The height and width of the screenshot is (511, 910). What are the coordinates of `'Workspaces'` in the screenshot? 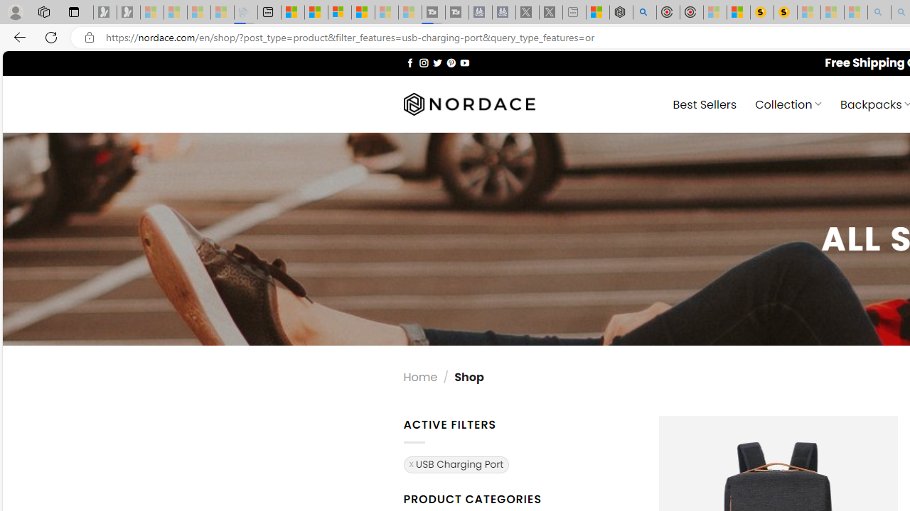 It's located at (43, 11).